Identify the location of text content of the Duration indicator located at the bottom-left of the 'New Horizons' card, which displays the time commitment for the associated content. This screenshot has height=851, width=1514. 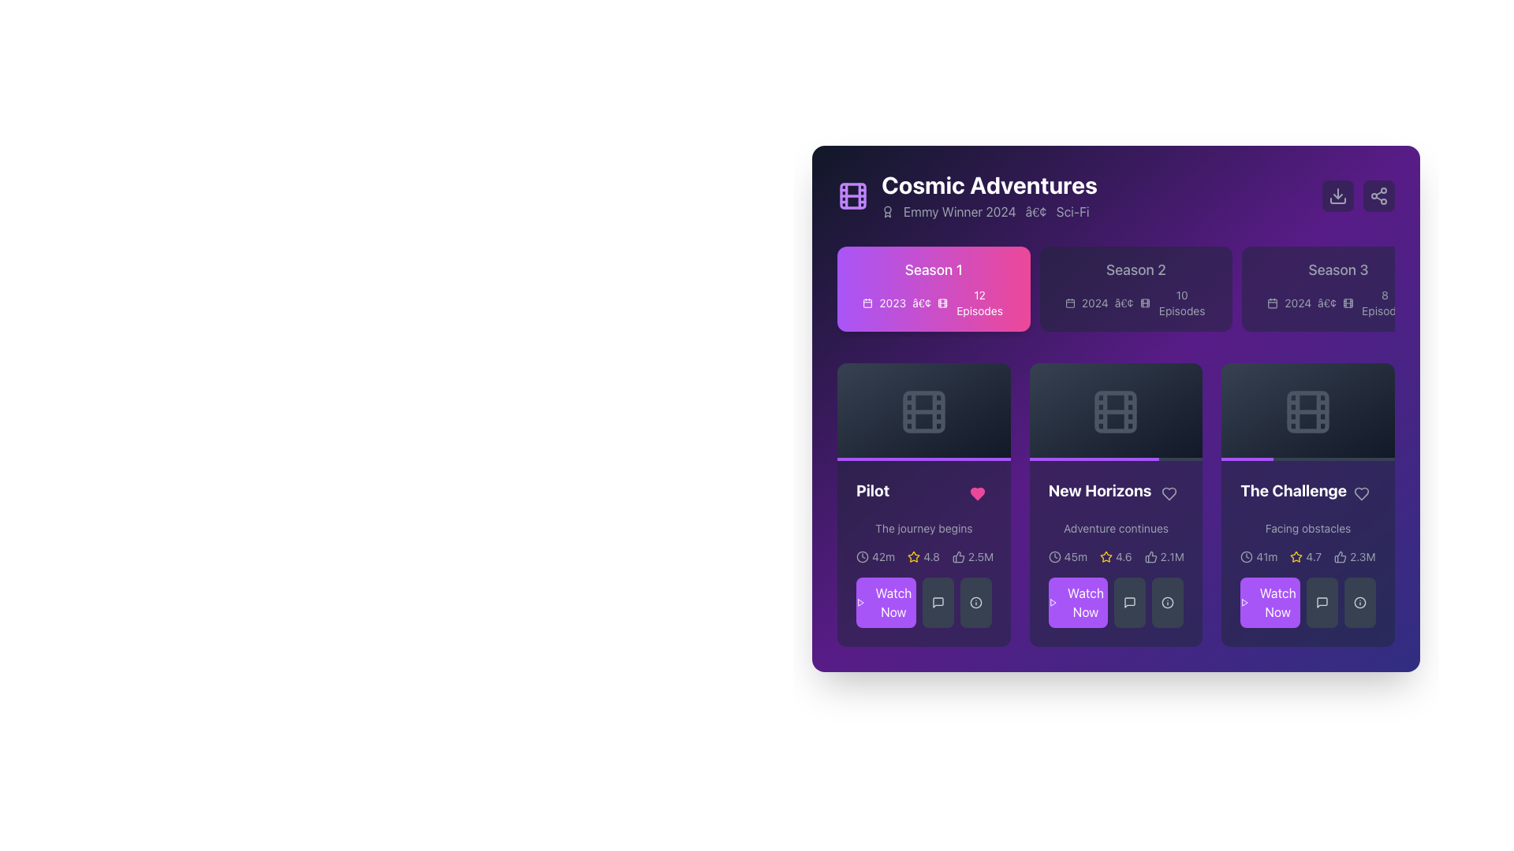
(1068, 556).